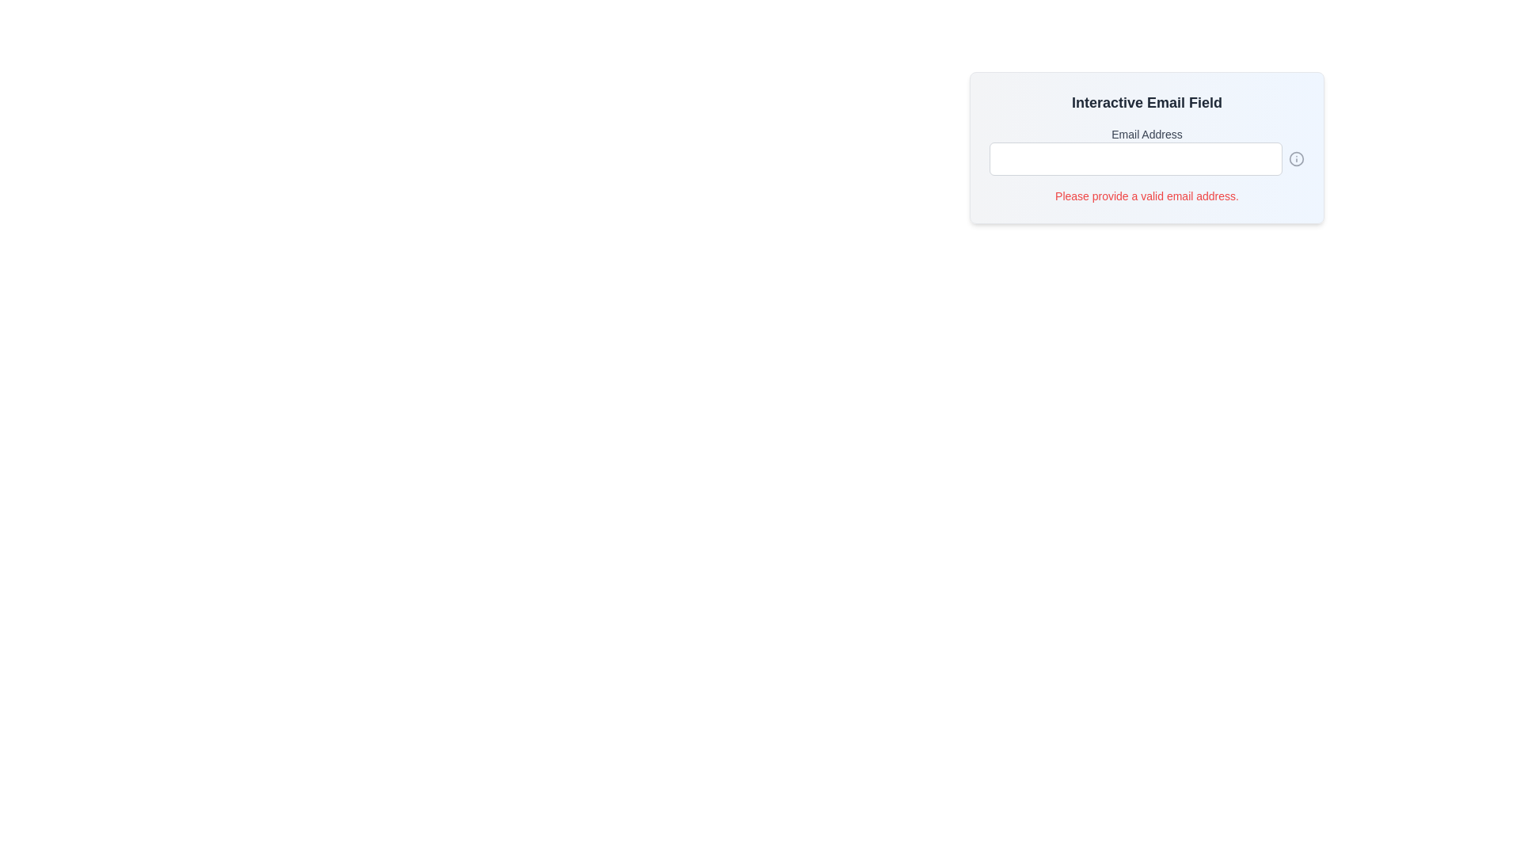 The height and width of the screenshot is (855, 1520). Describe the element at coordinates (1147, 133) in the screenshot. I see `the label indicating the email input field, which is positioned above the input field and serves as its descriptive label` at that location.